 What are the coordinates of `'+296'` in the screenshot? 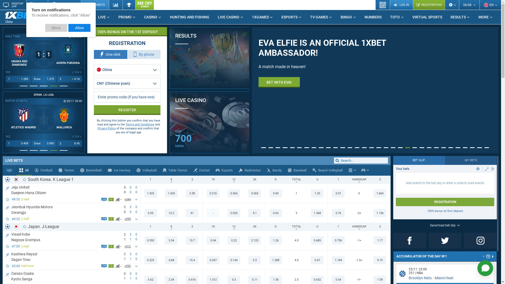 It's located at (128, 219).